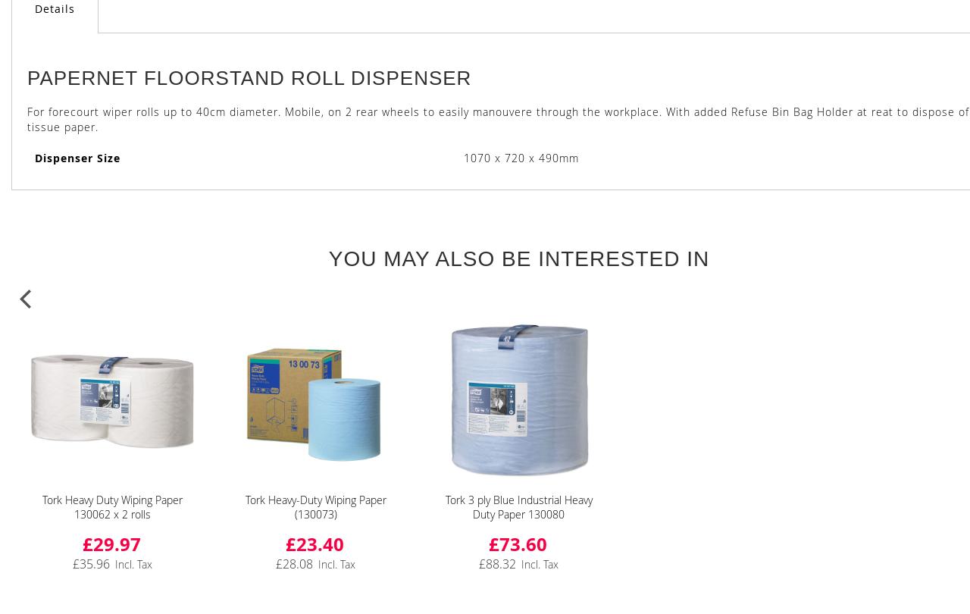  I want to click on '£23.40', so click(313, 543).